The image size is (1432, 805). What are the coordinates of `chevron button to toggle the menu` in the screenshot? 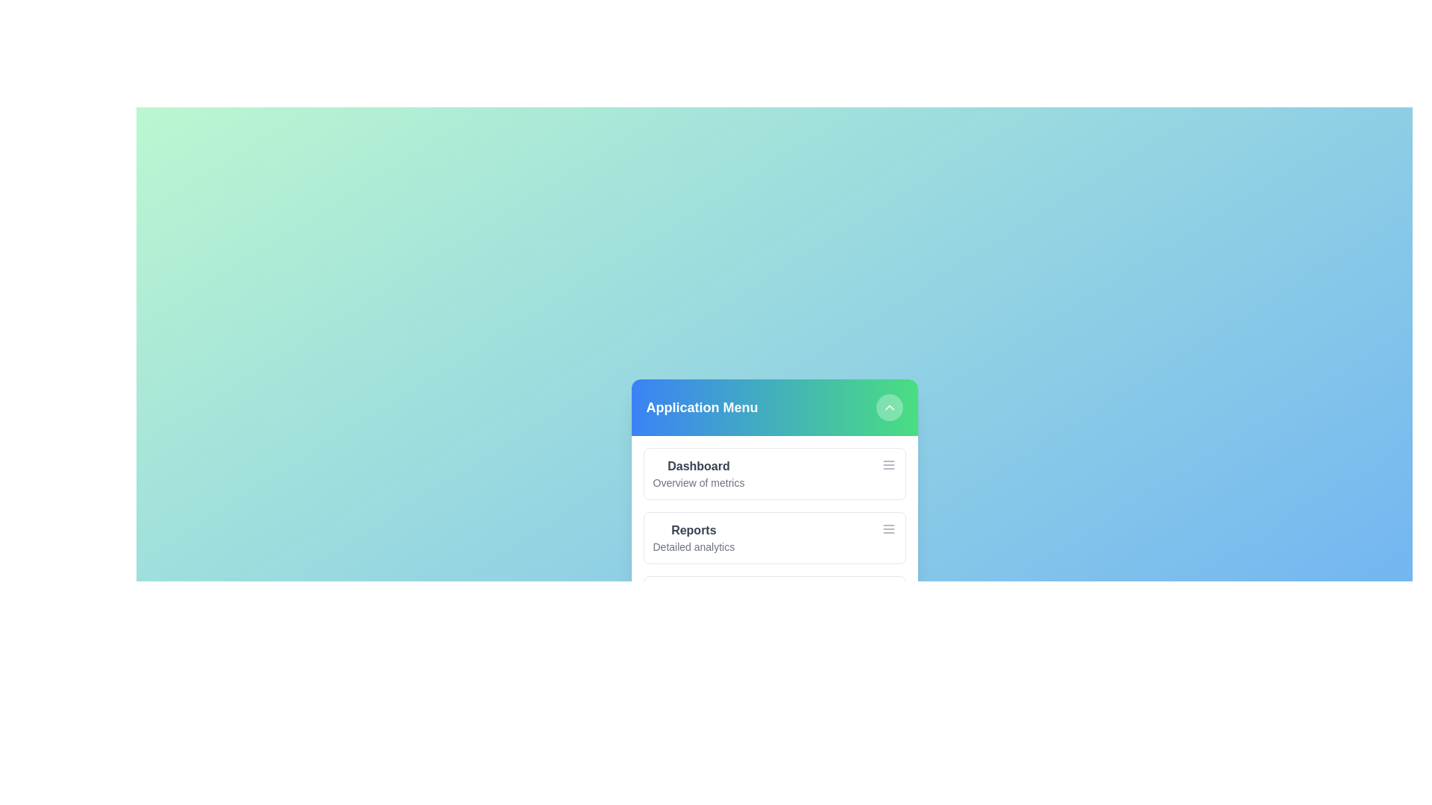 It's located at (889, 408).